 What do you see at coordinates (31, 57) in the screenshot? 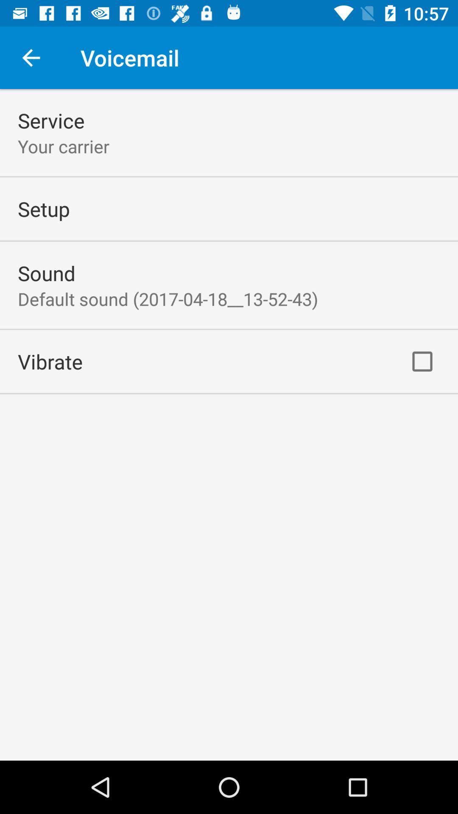
I see `the app above service` at bounding box center [31, 57].